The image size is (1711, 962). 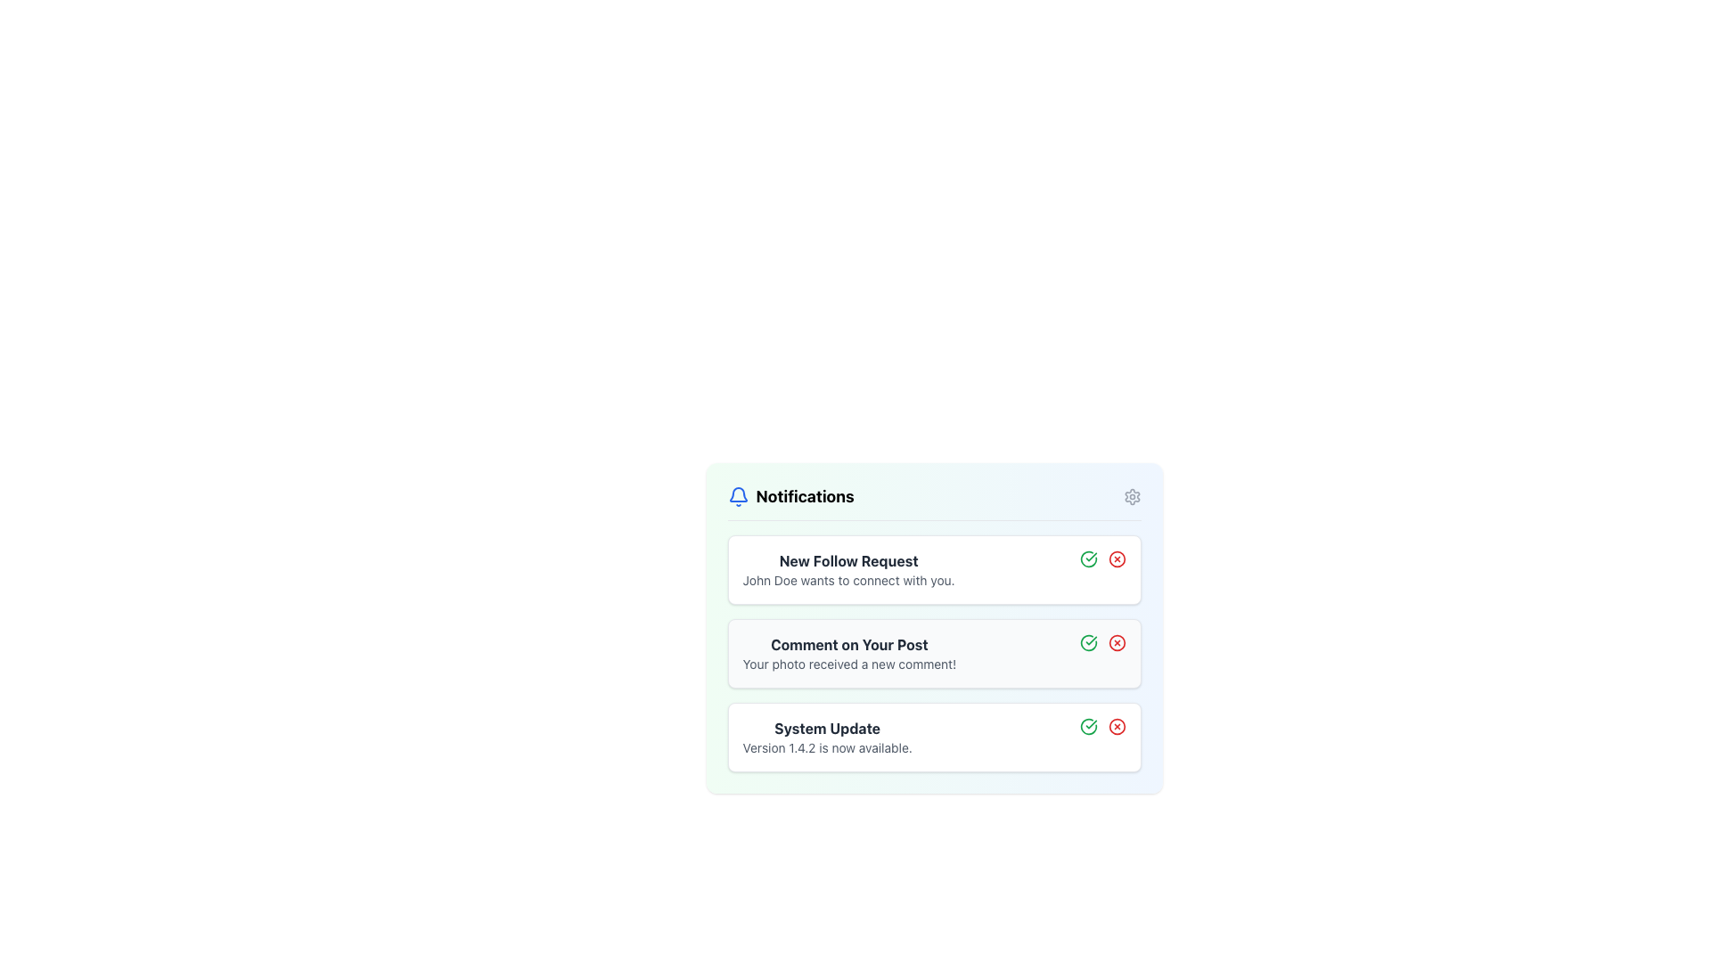 What do you see at coordinates (738, 497) in the screenshot?
I see `the bell-shaped icon representing notifications, located in the top-left corner of the notification widget, to the left of the 'Notifications' label` at bounding box center [738, 497].